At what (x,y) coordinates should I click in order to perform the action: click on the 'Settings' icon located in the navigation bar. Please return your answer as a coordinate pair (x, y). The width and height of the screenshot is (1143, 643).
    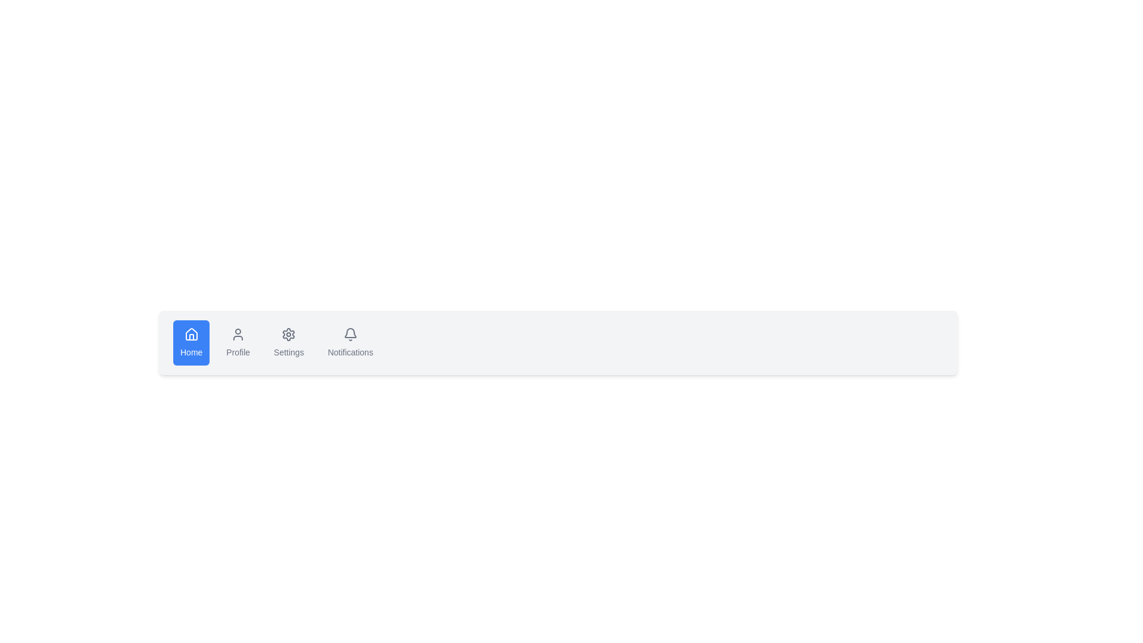
    Looking at the image, I should click on (288, 335).